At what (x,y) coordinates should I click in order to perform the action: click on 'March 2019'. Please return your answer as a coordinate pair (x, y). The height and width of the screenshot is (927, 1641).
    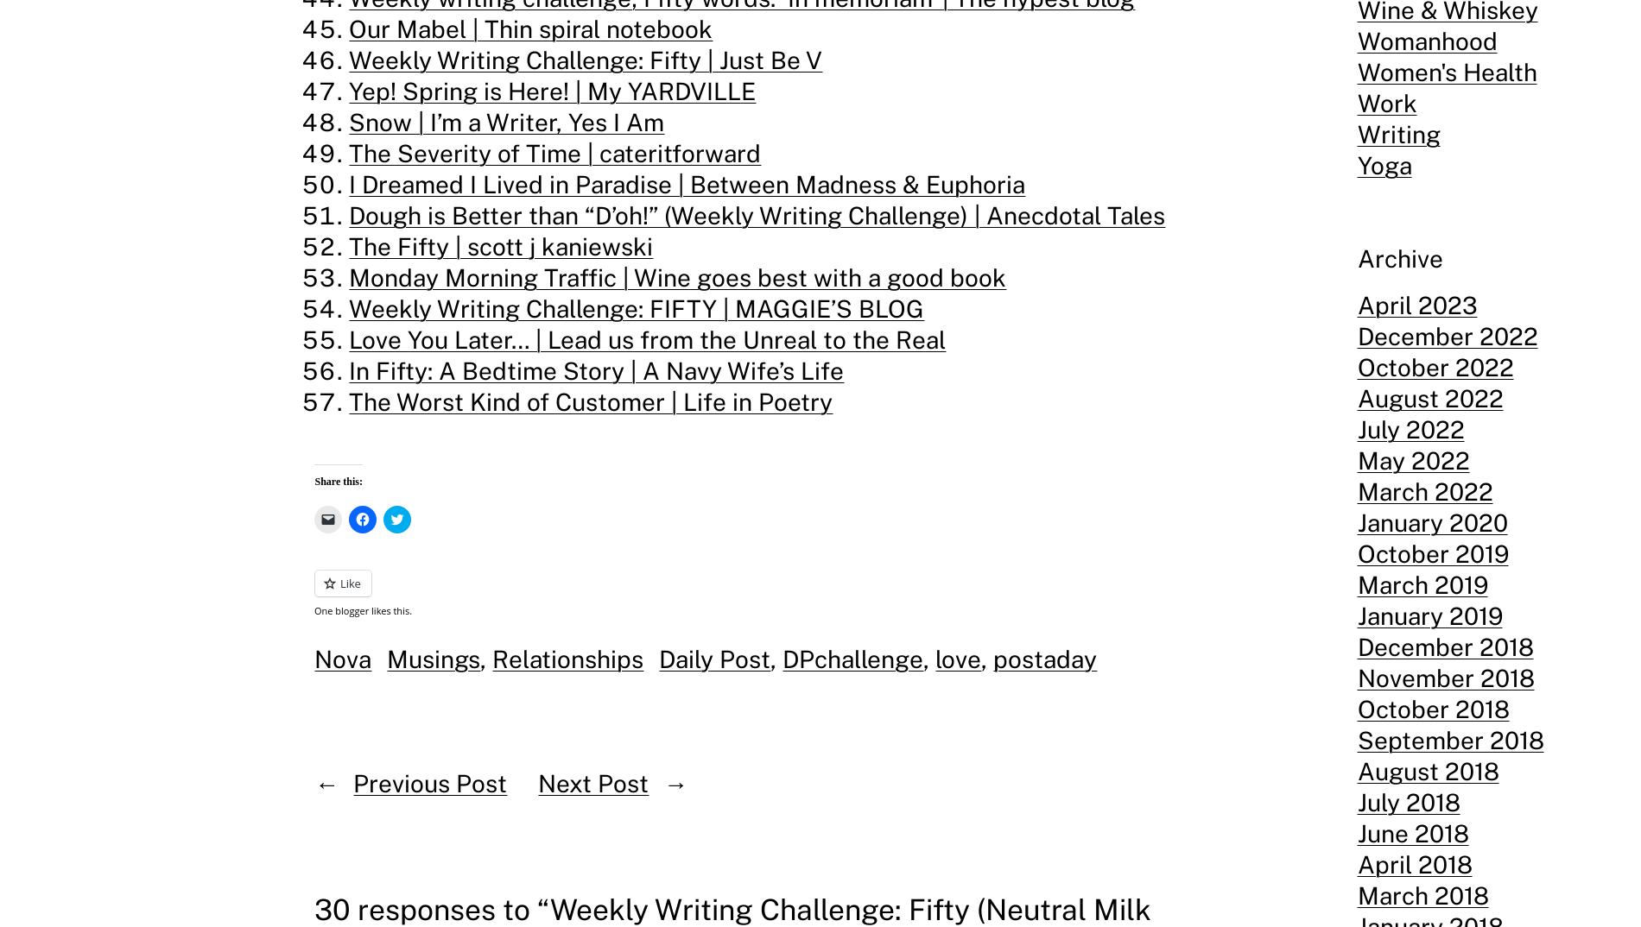
    Looking at the image, I should click on (1422, 583).